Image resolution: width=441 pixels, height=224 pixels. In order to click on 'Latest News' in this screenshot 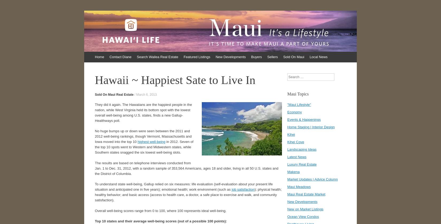, I will do `click(287, 157)`.